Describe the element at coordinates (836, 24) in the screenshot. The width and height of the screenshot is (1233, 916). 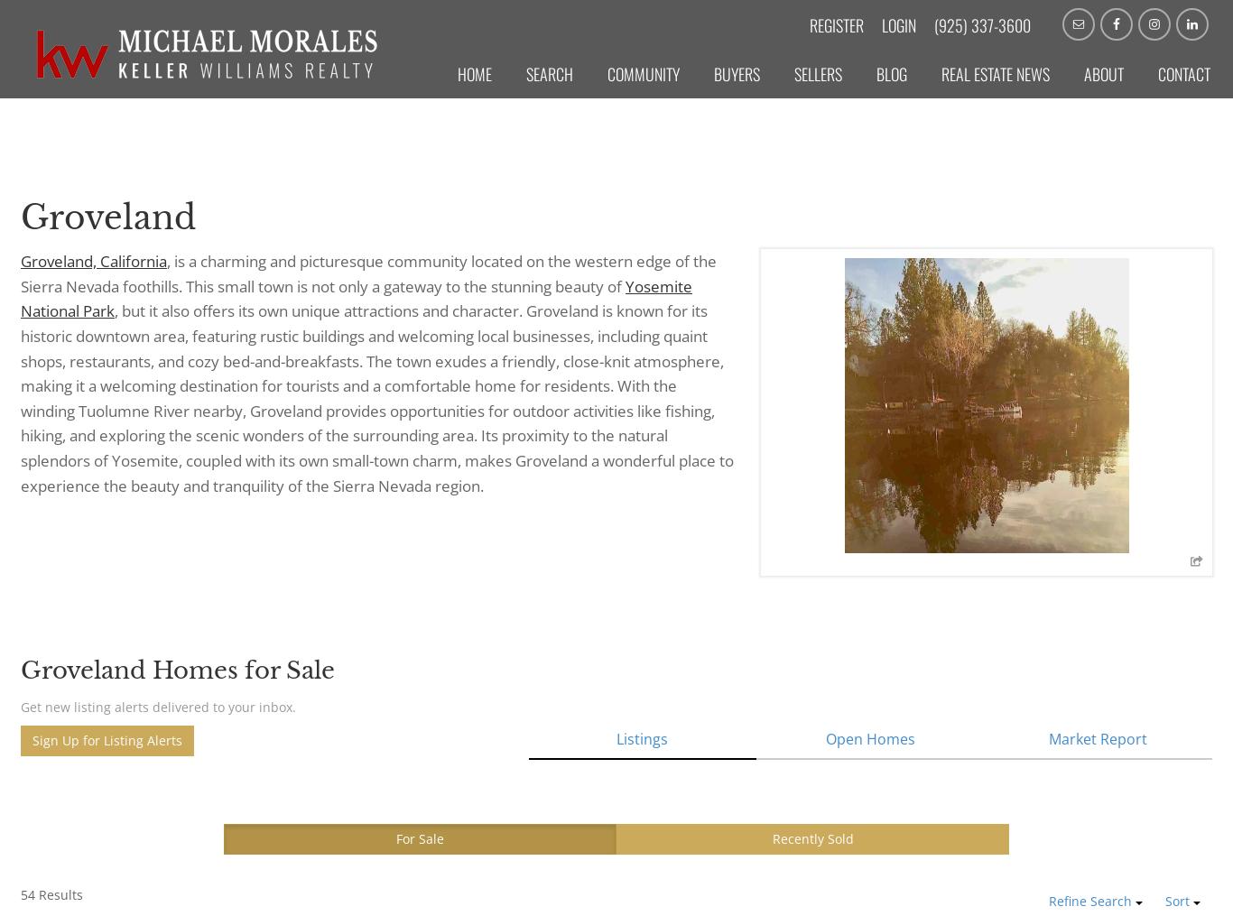
I see `'Register'` at that location.